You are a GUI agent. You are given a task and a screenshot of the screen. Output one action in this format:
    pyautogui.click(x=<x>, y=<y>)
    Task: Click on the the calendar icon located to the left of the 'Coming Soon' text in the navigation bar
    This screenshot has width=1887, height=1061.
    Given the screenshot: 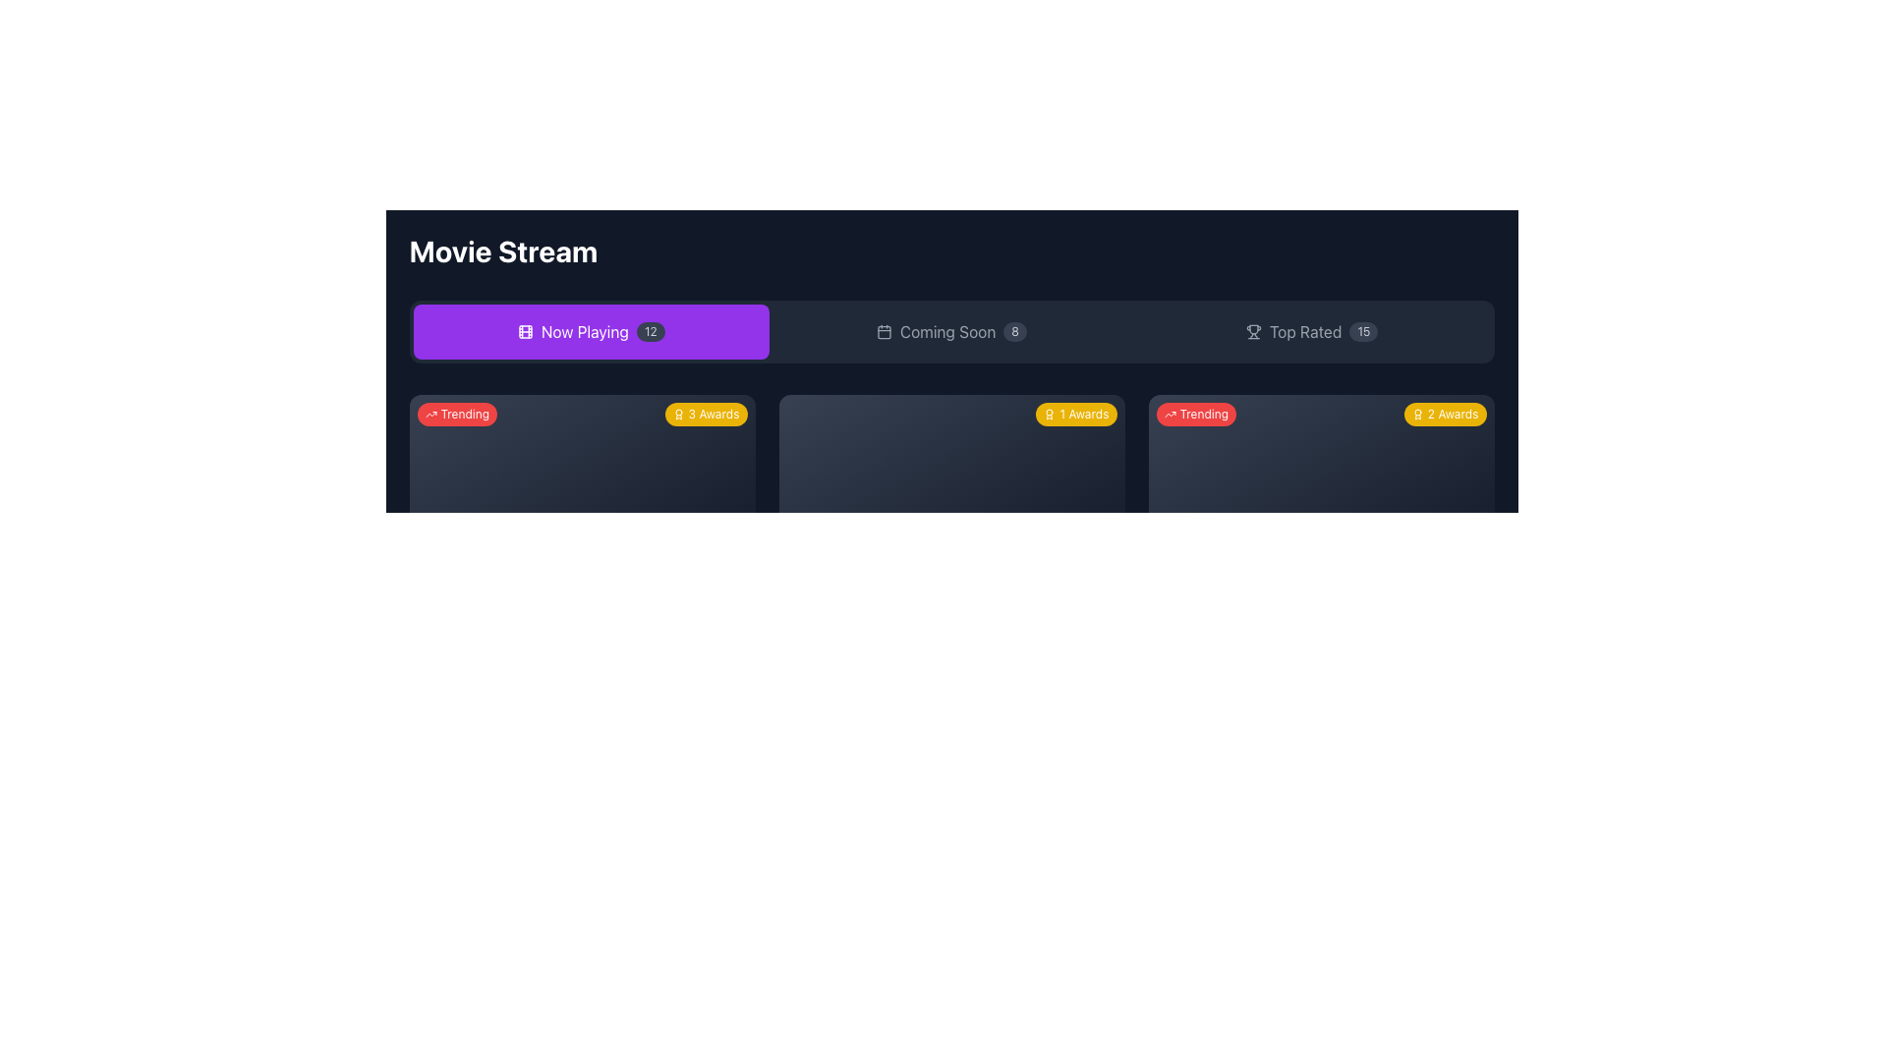 What is the action you would take?
    pyautogui.click(x=883, y=331)
    